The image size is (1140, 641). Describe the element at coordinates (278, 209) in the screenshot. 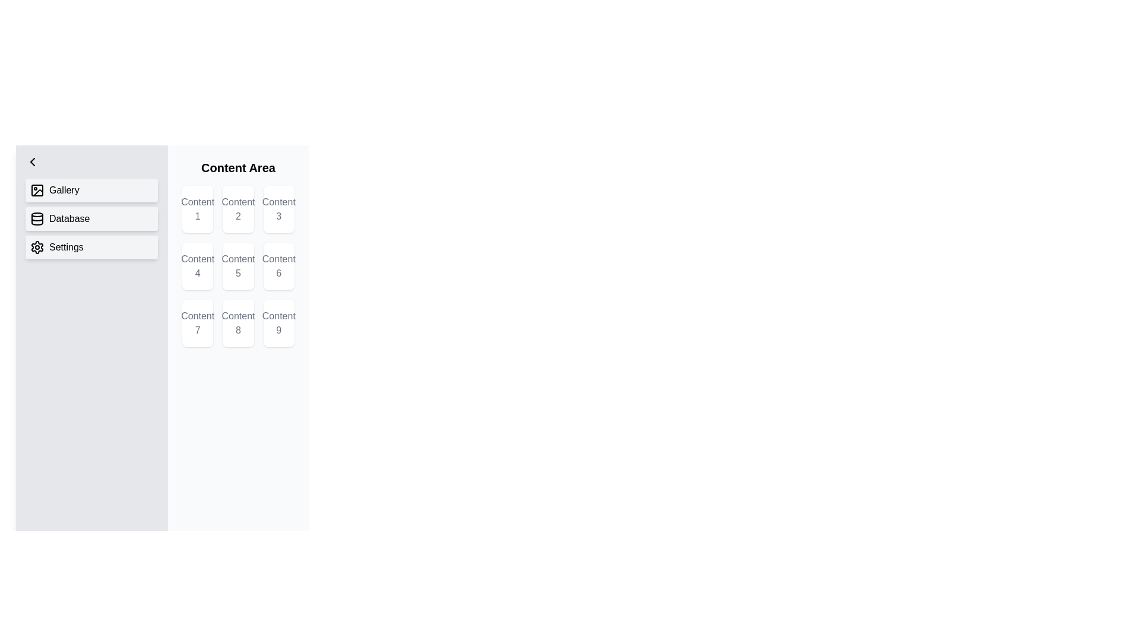

I see `the Grid Item with gray text 'Content 3'` at that location.